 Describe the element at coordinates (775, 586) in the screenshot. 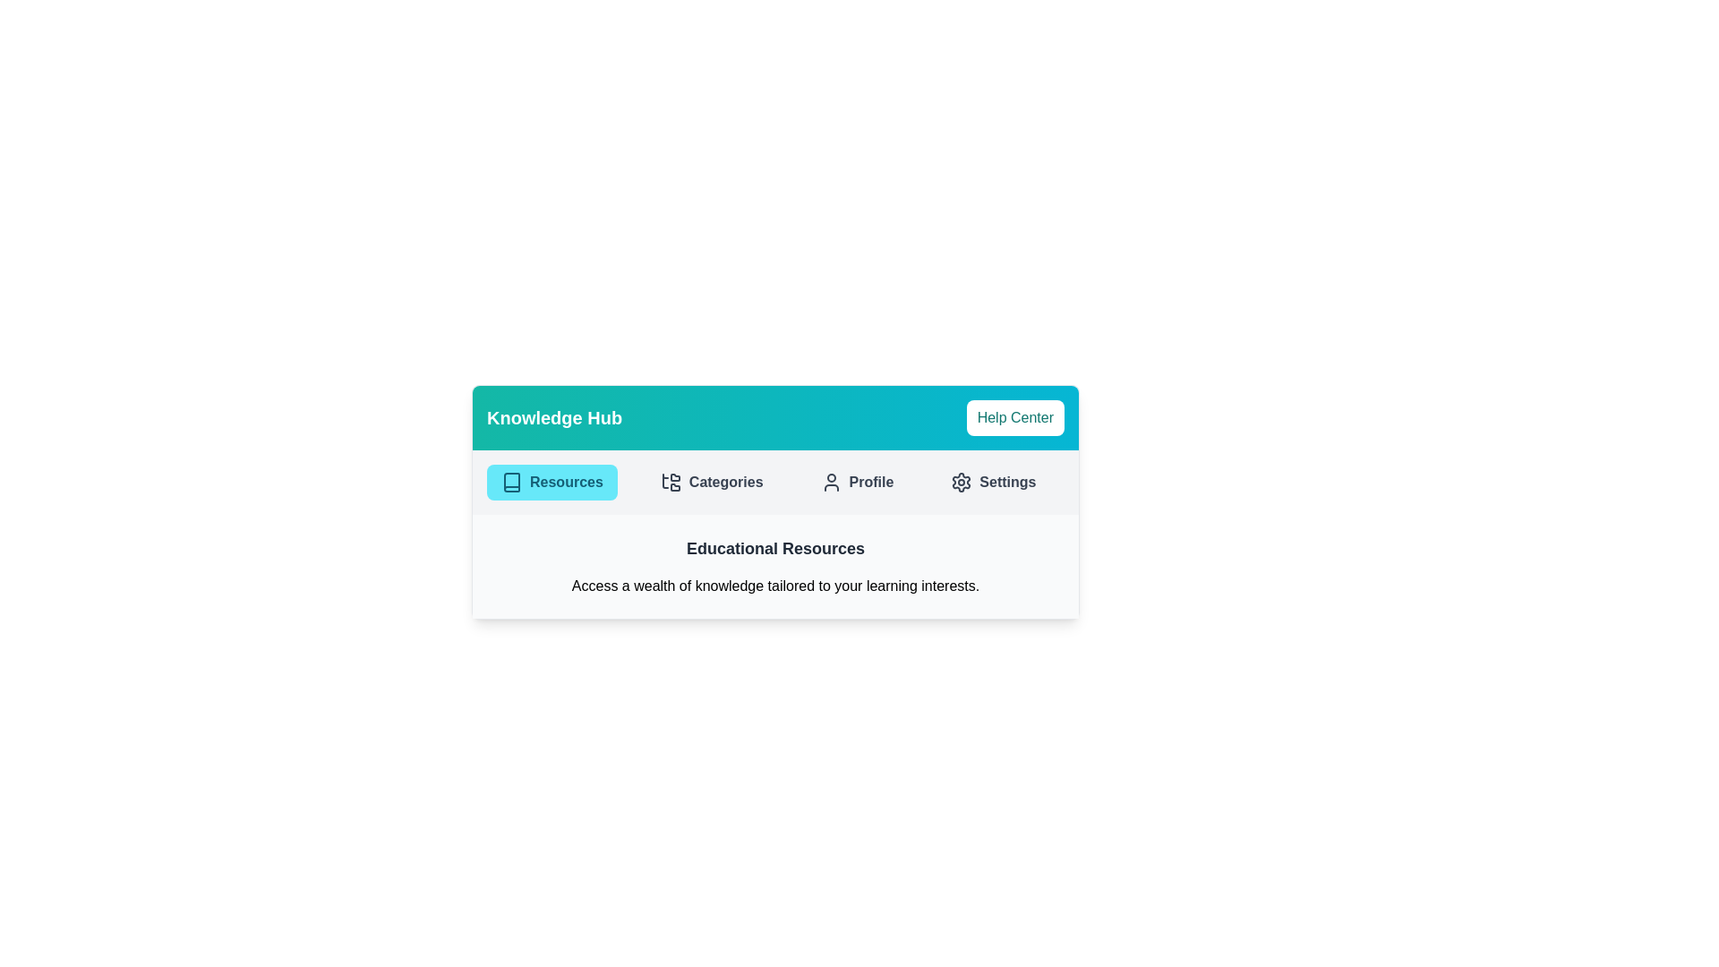

I see `the static text that provides a descriptive overview or subtitle for the 'Educational Resources' section, located below the heading and spanning horizontally across the center of the interface` at that location.